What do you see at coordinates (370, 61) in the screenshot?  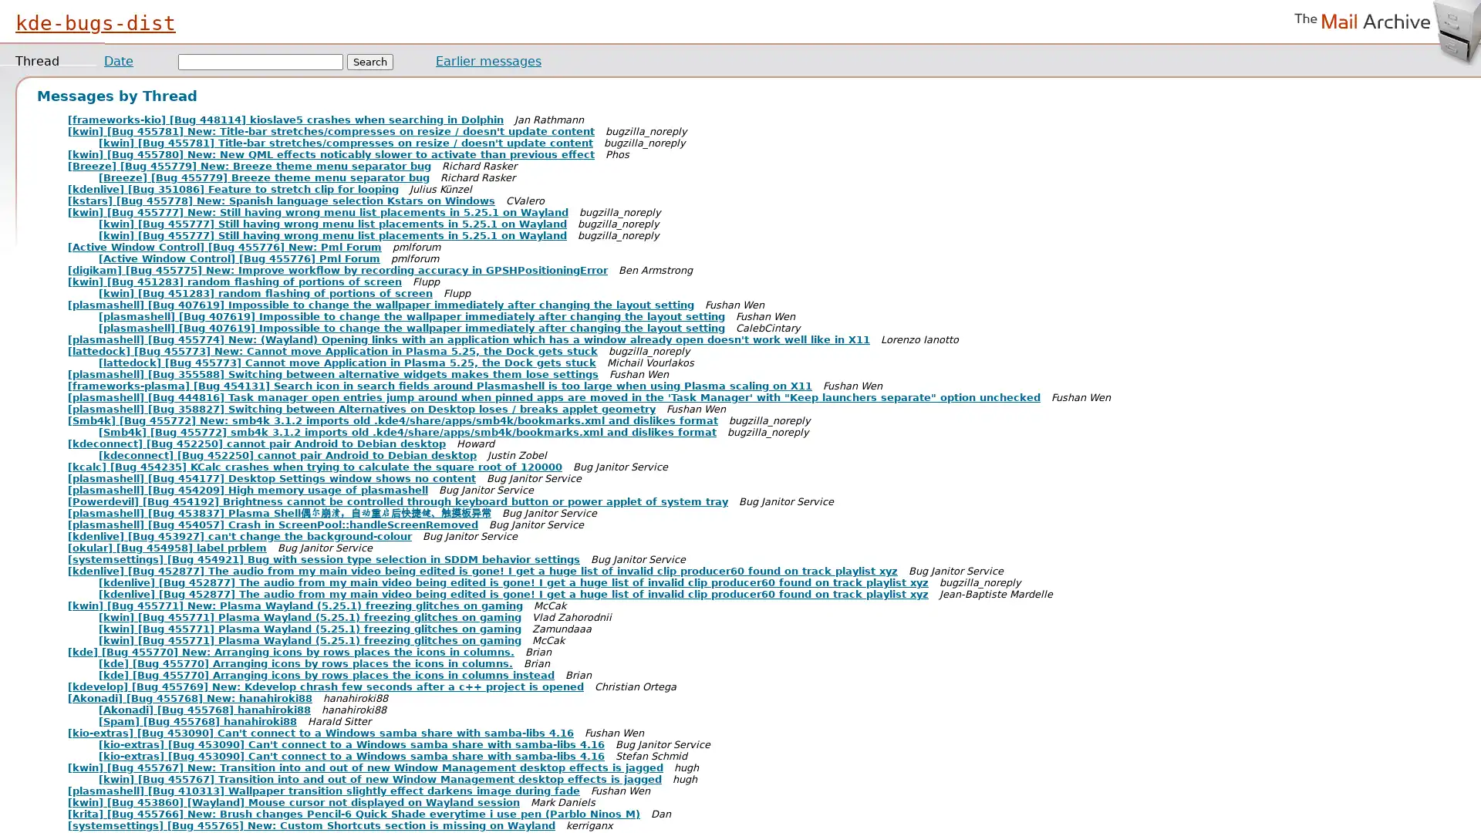 I see `Search` at bounding box center [370, 61].